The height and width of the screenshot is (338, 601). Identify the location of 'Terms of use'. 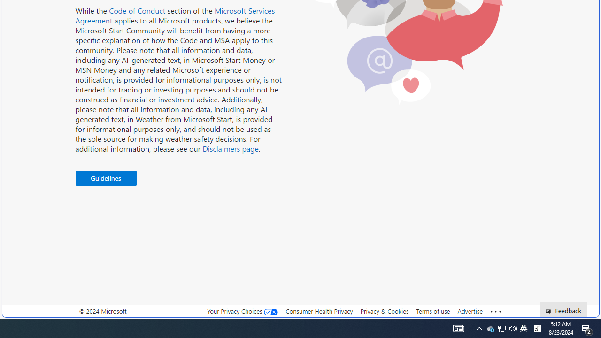
(432, 311).